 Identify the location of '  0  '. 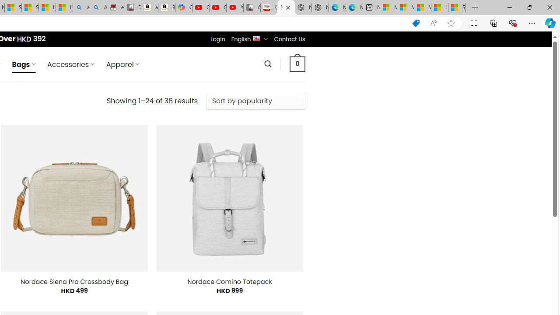
(297, 63).